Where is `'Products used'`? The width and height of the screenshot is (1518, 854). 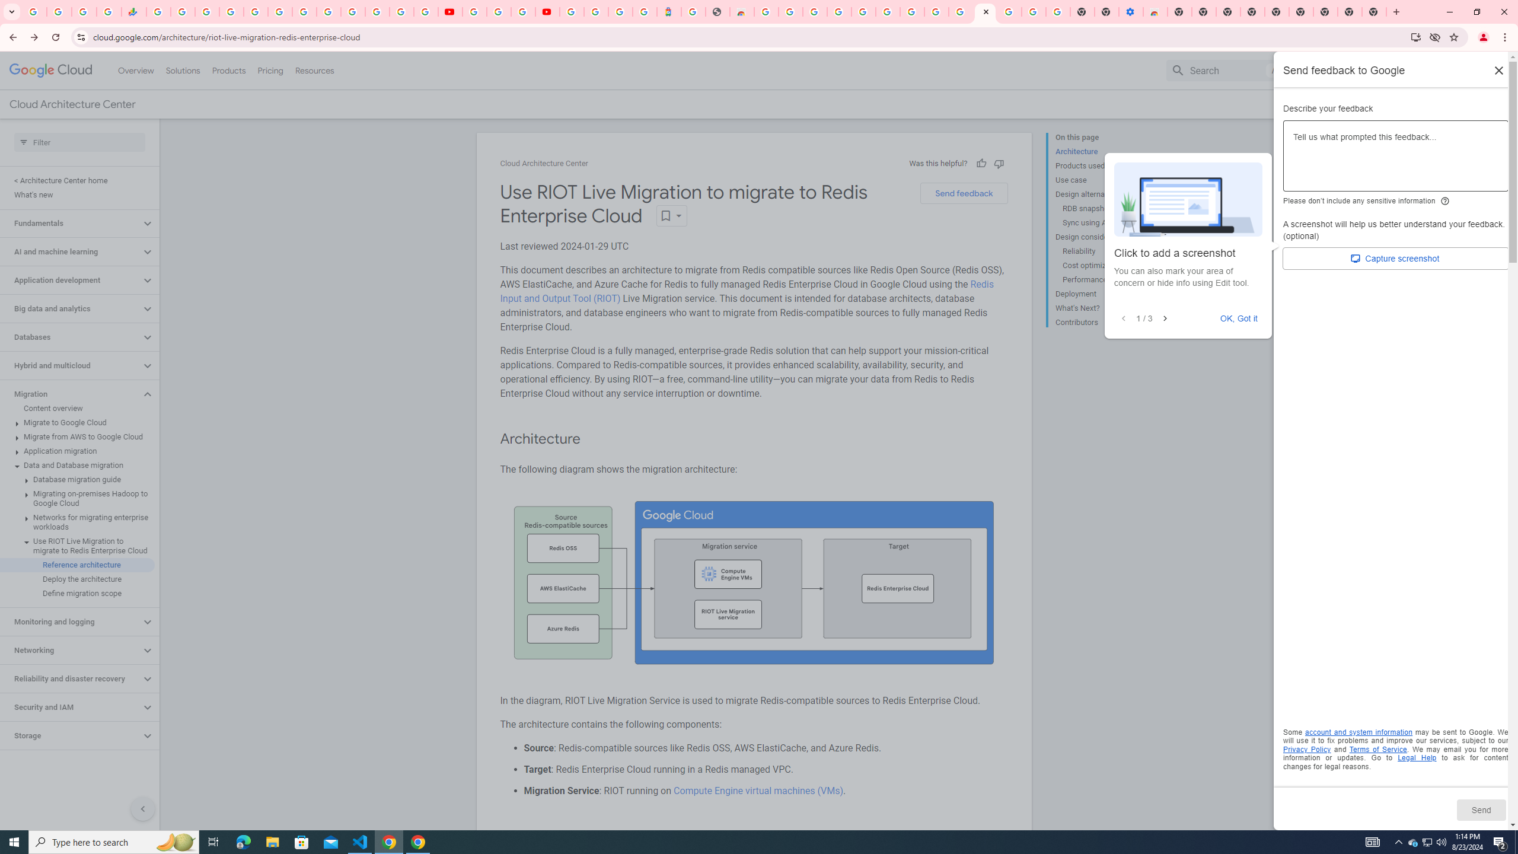 'Products used' is located at coordinates (1103, 165).